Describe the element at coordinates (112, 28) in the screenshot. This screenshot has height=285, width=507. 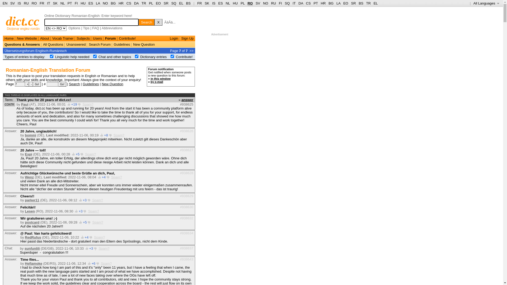
I see `'Abbreviations'` at that location.